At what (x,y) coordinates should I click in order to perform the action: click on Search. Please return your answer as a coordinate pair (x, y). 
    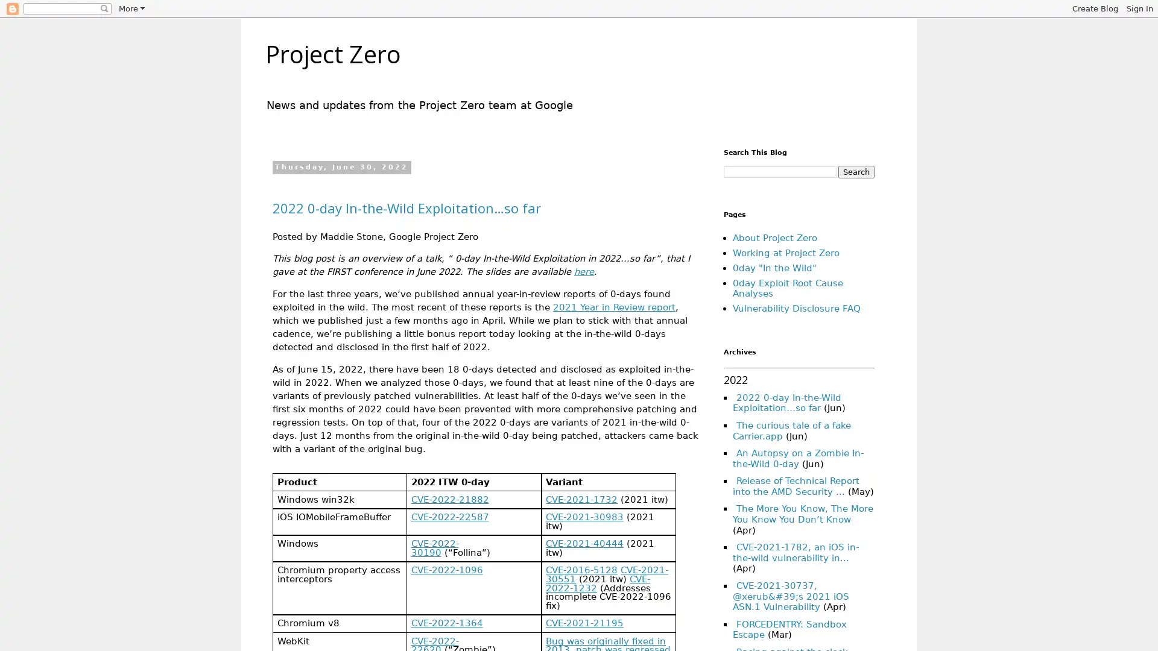
    Looking at the image, I should click on (856, 172).